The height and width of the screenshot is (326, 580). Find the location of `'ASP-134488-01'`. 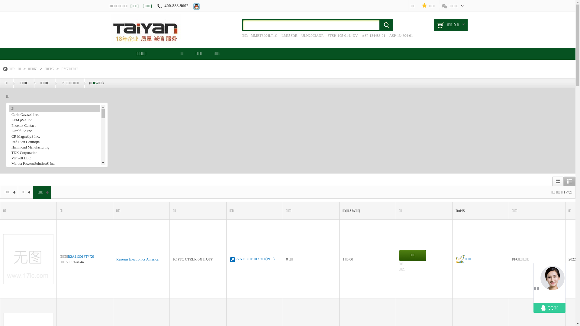

'ASP-134488-01' is located at coordinates (373, 36).